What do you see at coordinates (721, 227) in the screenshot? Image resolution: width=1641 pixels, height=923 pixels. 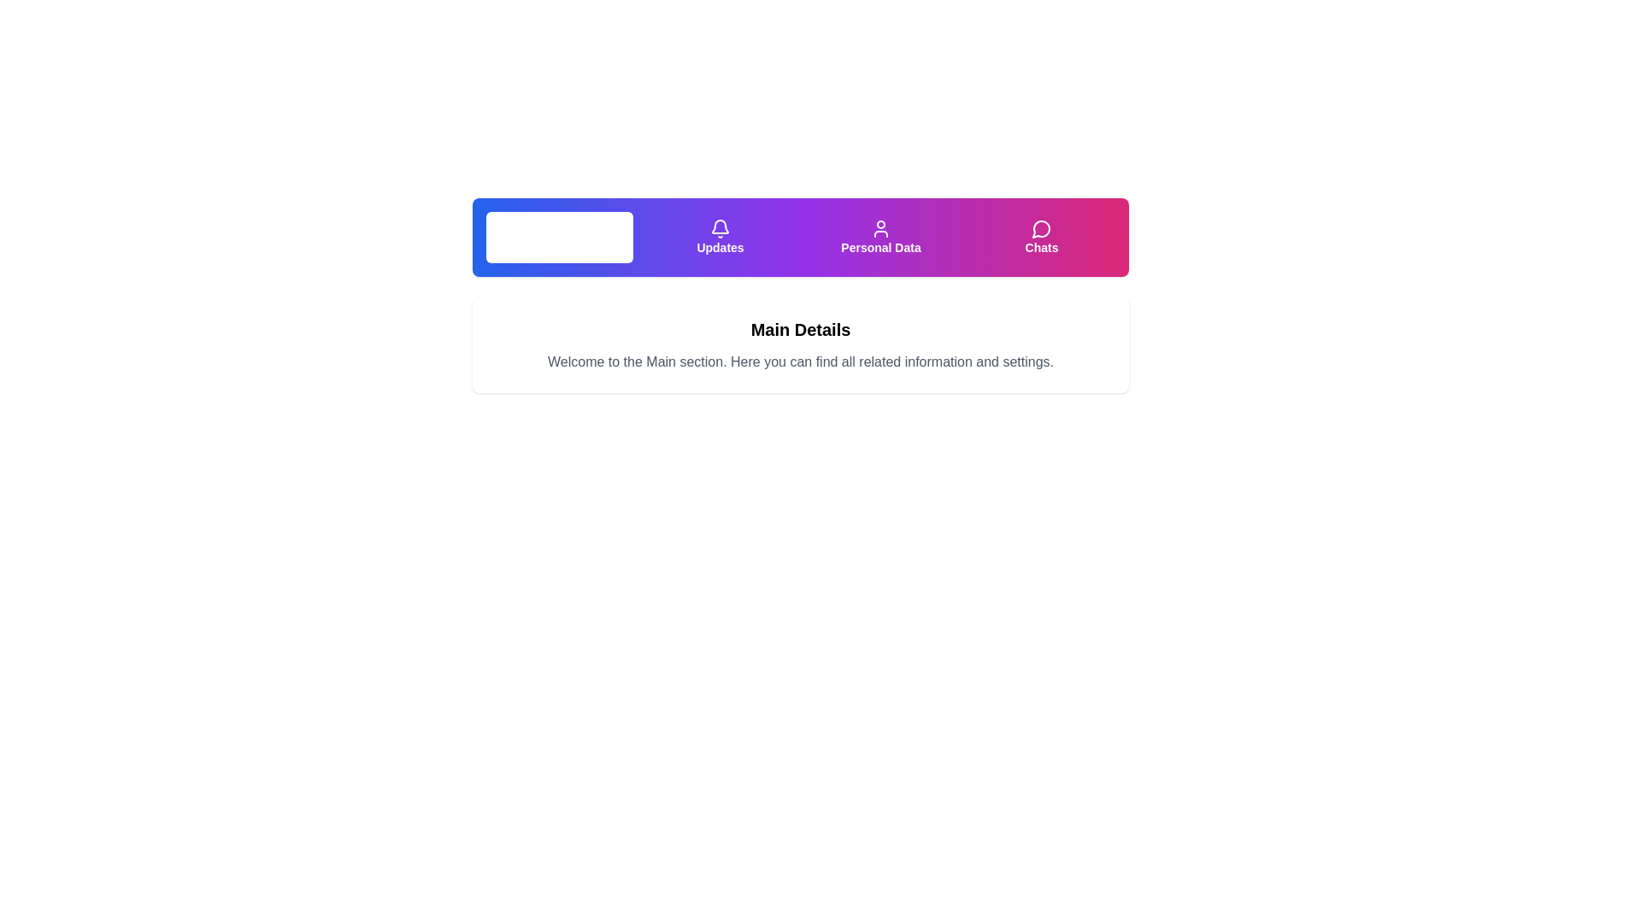 I see `the button containing the bell icon, which is styled with a line-drawn design and is located in the Updates section of the navigation bar` at bounding box center [721, 227].